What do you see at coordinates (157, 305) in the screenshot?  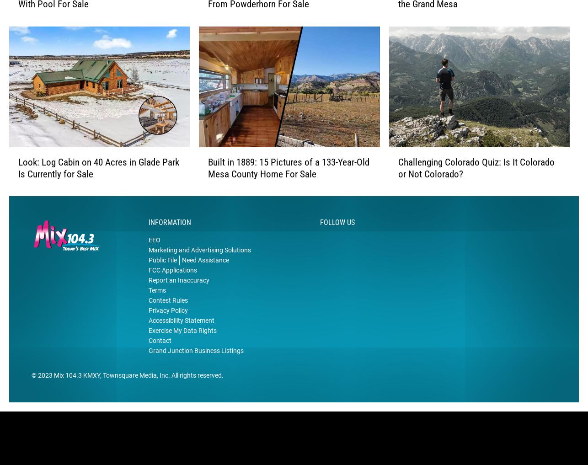 I see `'Terms'` at bounding box center [157, 305].